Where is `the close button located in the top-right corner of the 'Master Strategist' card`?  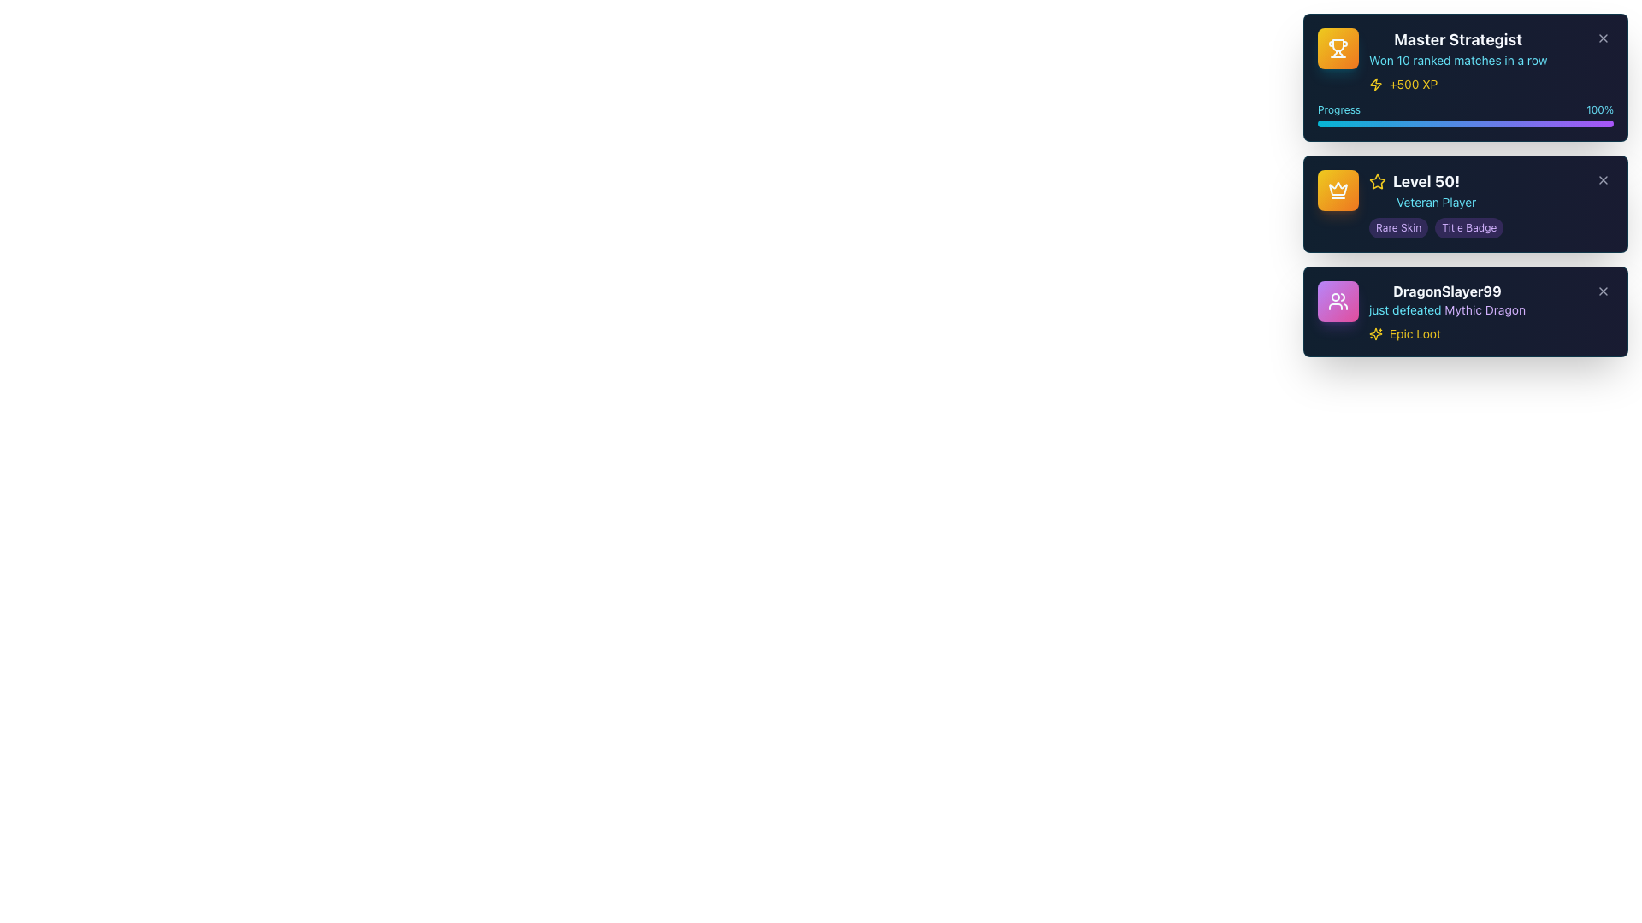
the close button located in the top-right corner of the 'Master Strategist' card is located at coordinates (1603, 38).